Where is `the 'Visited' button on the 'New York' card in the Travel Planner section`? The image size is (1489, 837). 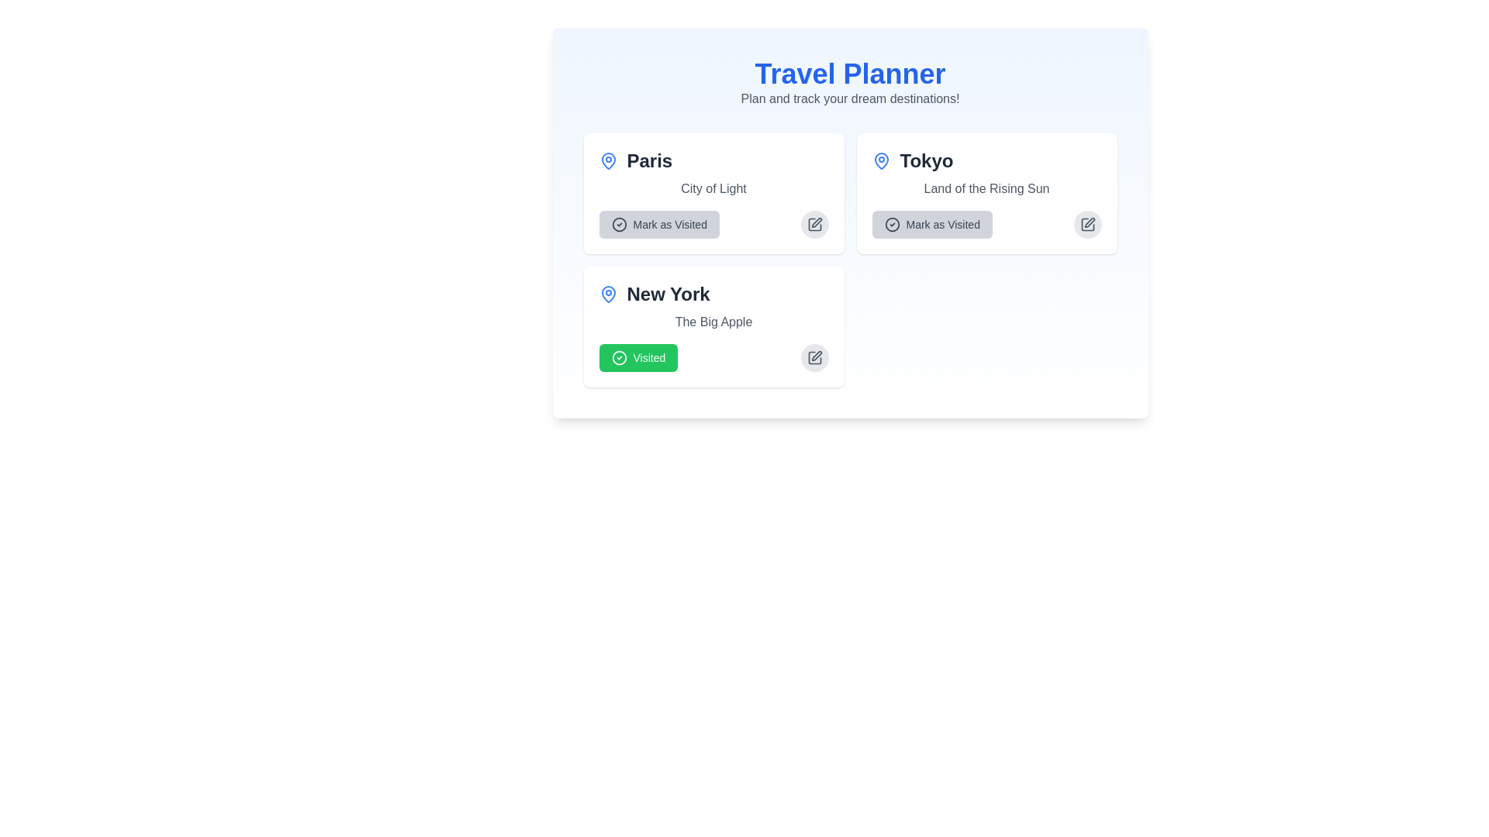 the 'Visited' button on the 'New York' card in the Travel Planner section is located at coordinates (713, 325).